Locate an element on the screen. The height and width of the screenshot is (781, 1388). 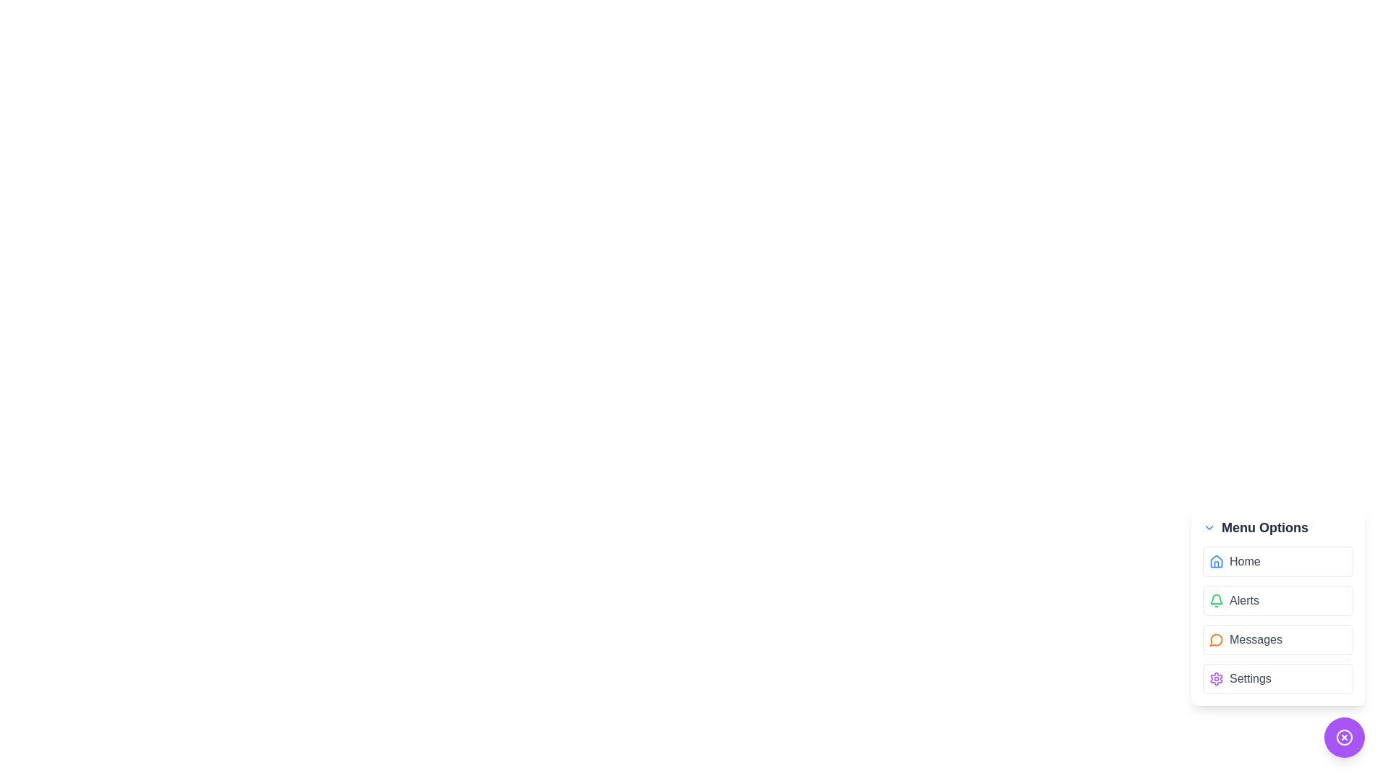
the bell icon located beside the 'Alerts' text option in the right sidebar of the UI is located at coordinates (1216, 599).